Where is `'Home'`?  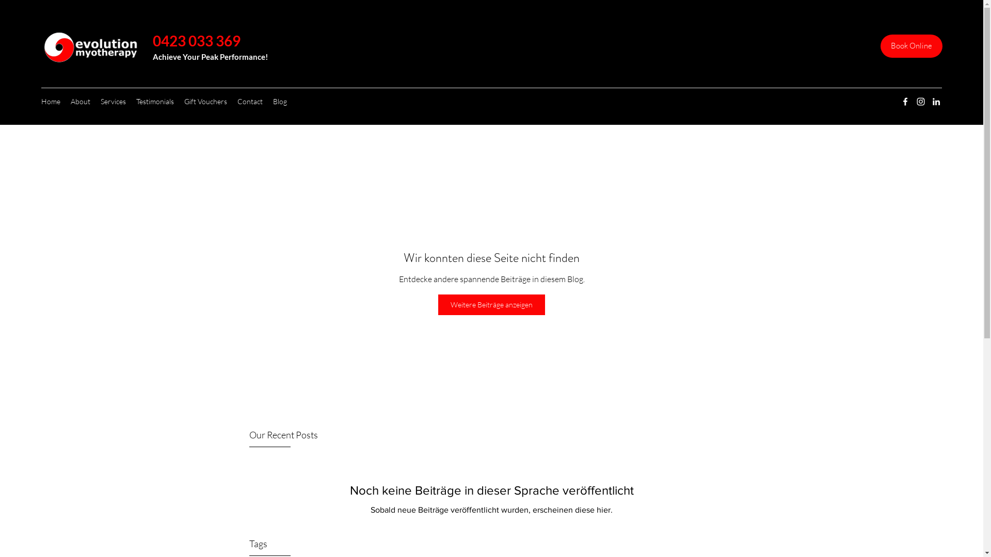
'Home' is located at coordinates (50, 101).